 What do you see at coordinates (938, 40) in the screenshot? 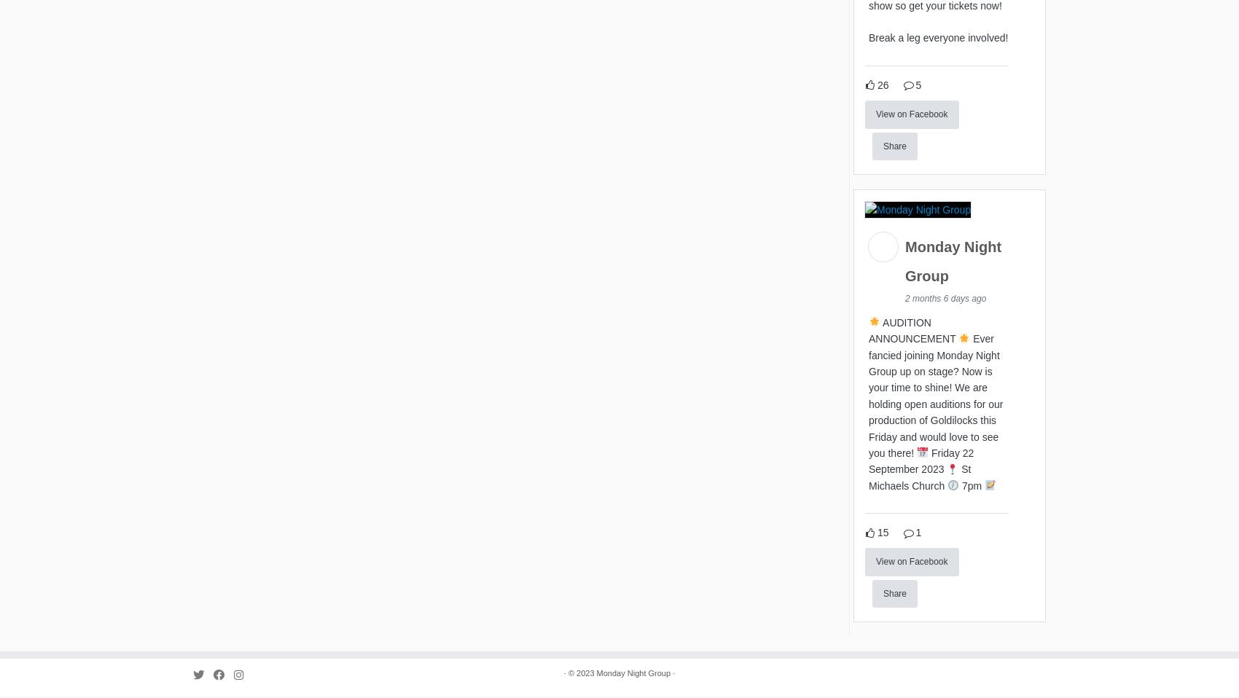
I see `'Break a leg everyone involved!'` at bounding box center [938, 40].